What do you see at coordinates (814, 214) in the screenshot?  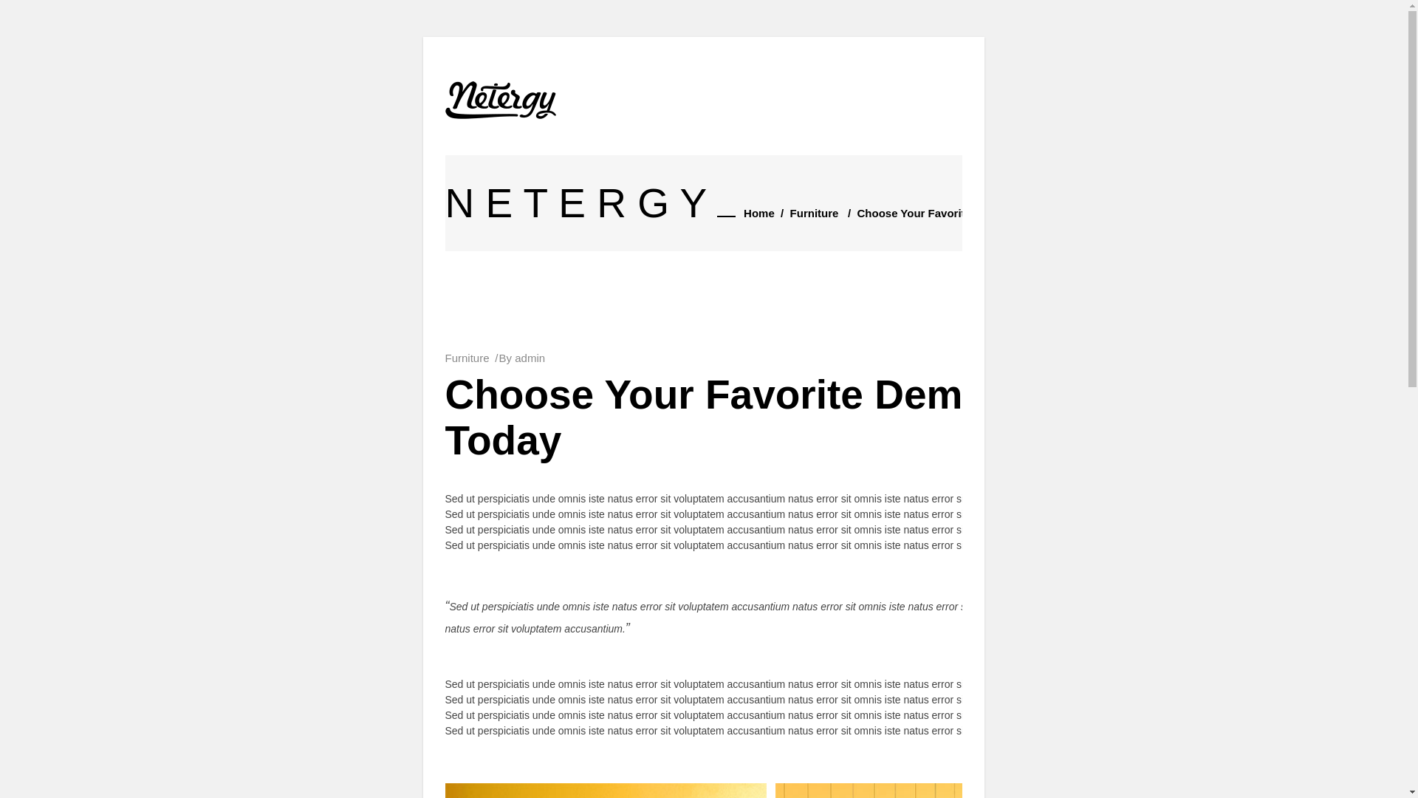 I see `'Furniture'` at bounding box center [814, 214].